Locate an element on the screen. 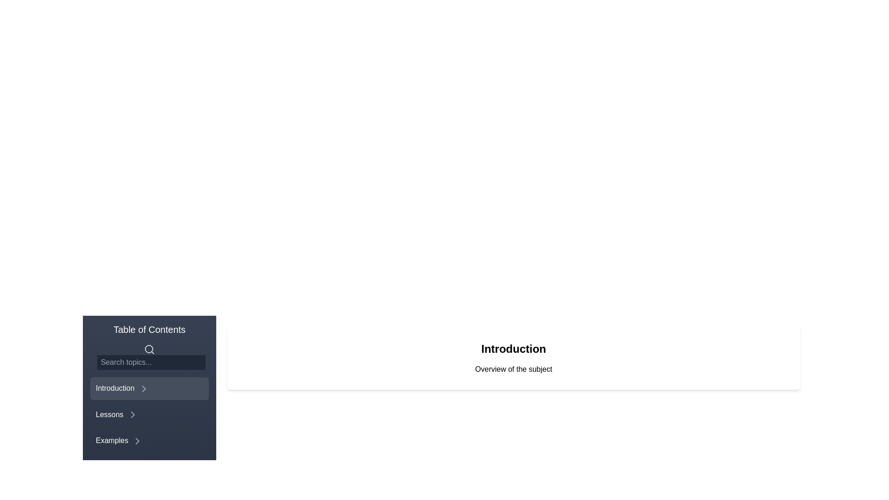  the chevron icon shaped like a rightward arrow, which is gray and located to the right of the 'Introduction' text in the 'Table of Contents' navigation menu is located at coordinates (143, 388).